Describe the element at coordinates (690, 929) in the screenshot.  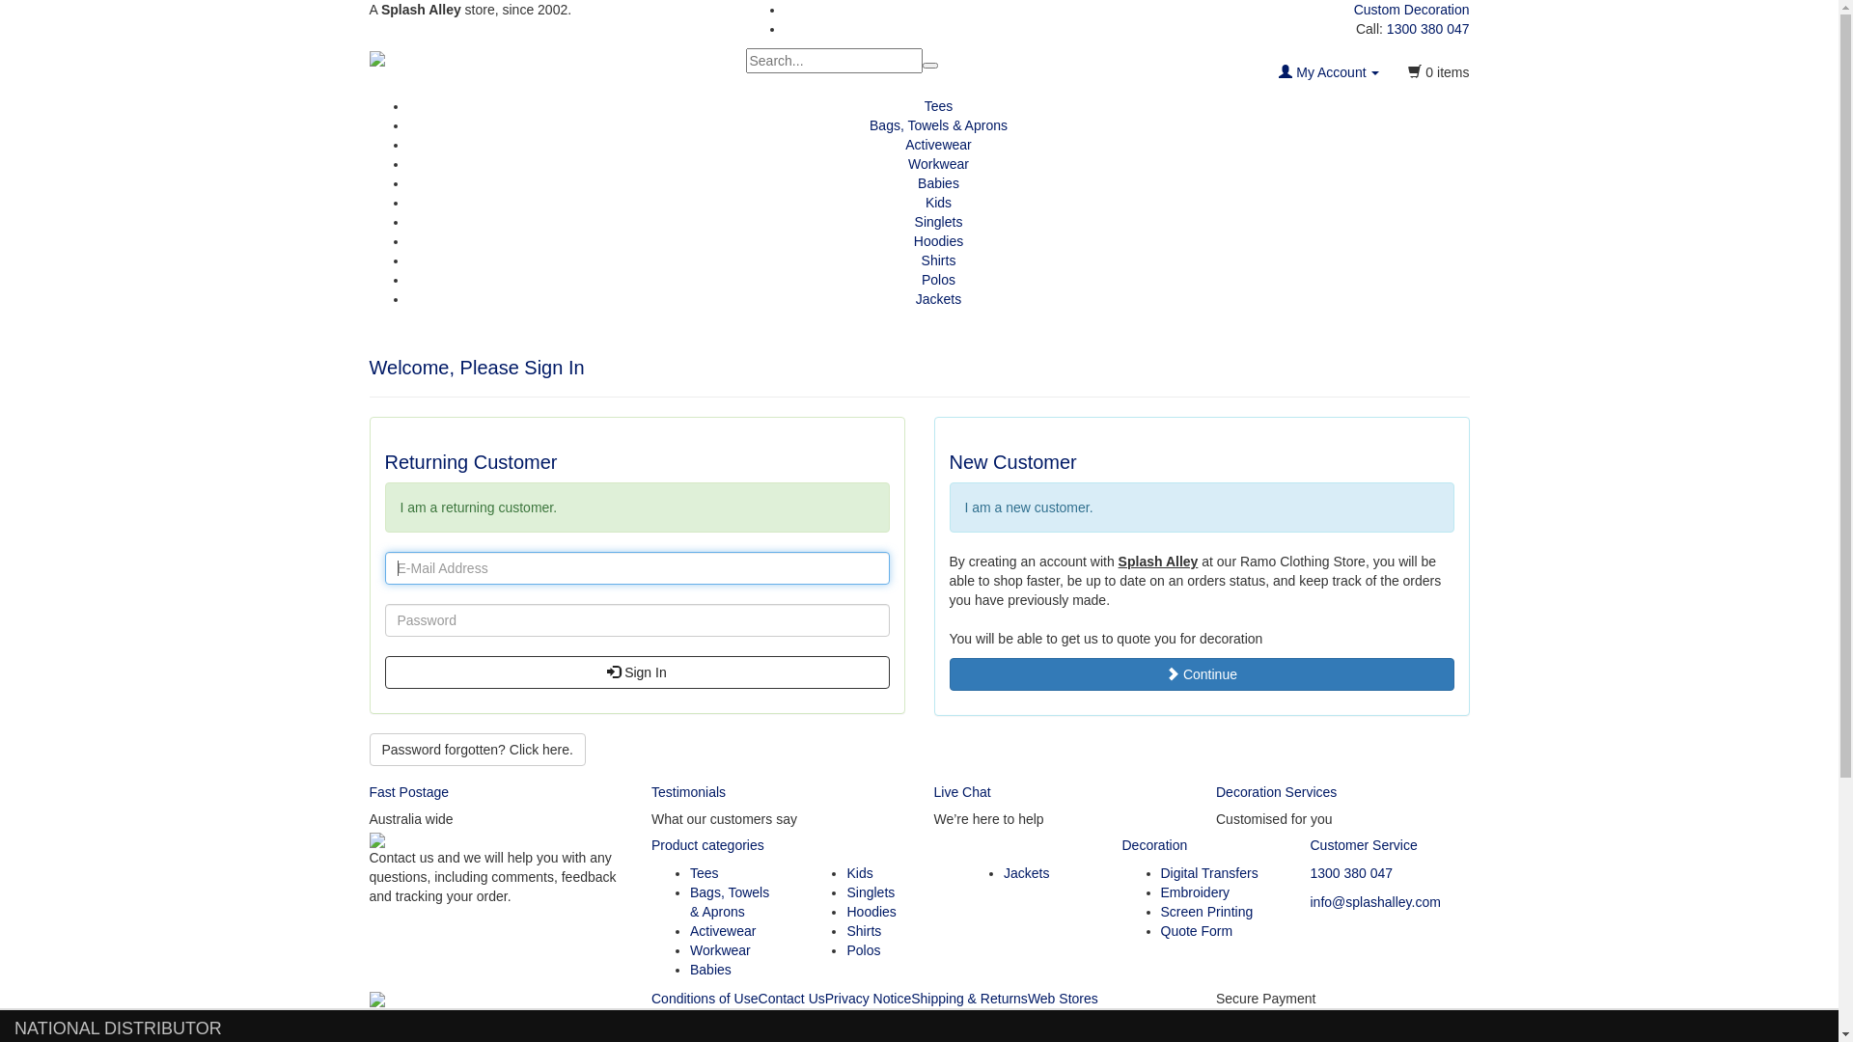
I see `'Activewear'` at that location.